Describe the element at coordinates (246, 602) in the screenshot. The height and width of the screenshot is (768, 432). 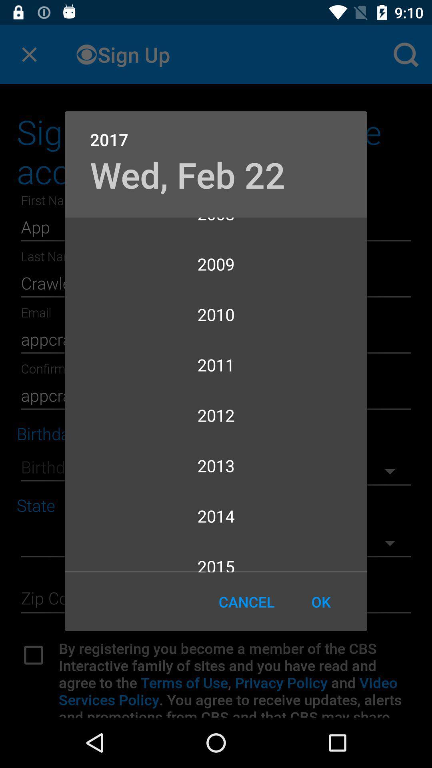
I see `icon below 2015 icon` at that location.